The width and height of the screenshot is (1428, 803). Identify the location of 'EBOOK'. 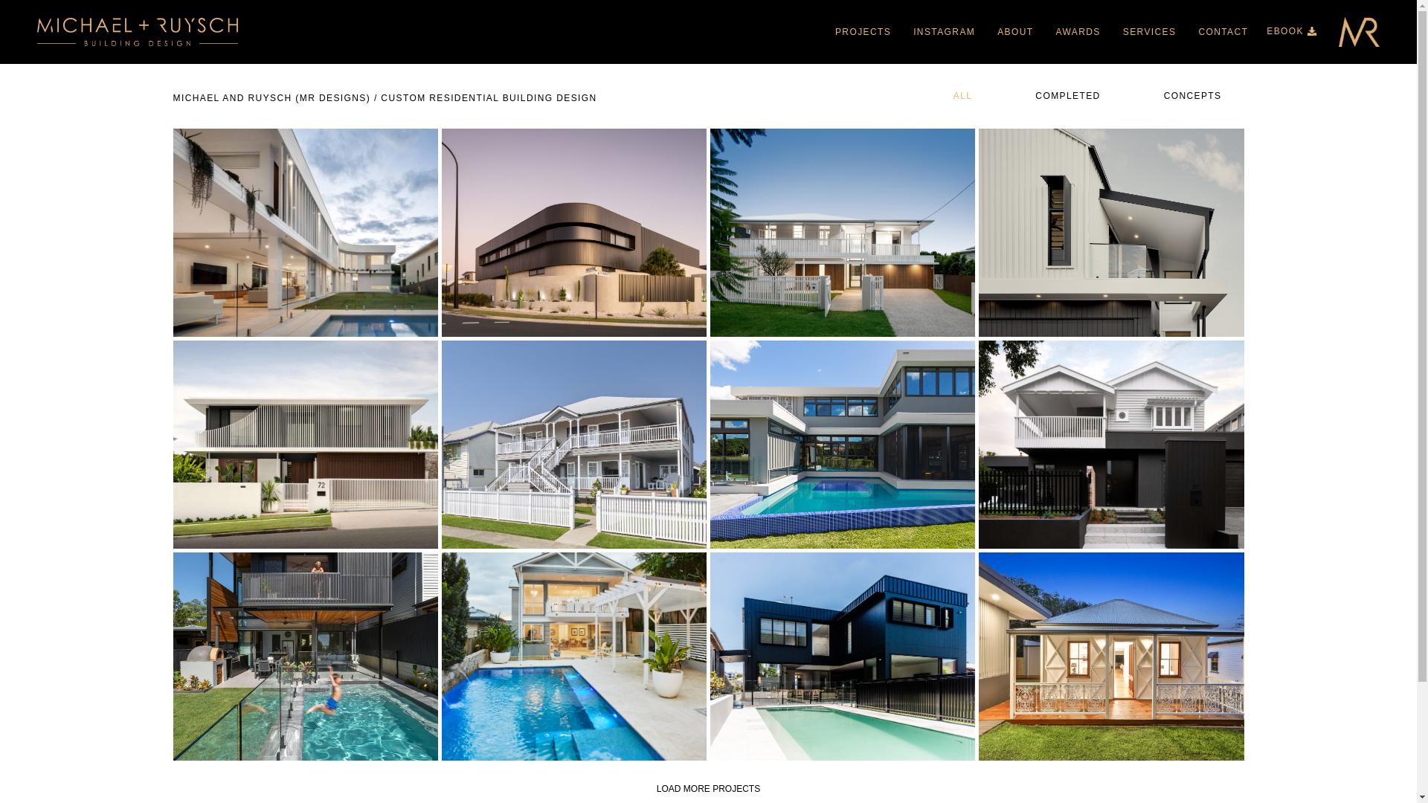
(1266, 31).